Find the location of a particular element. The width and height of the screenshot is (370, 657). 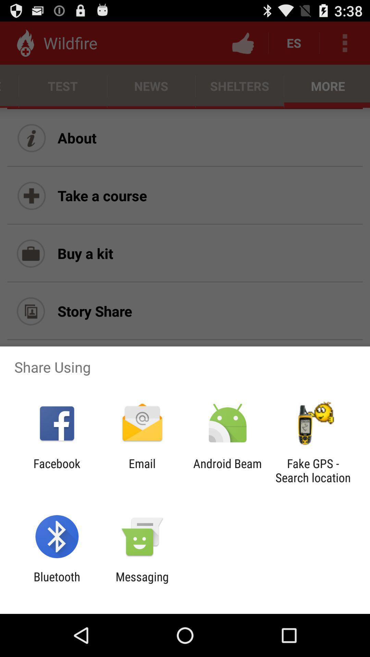

the app next to the android beam item is located at coordinates (142, 470).